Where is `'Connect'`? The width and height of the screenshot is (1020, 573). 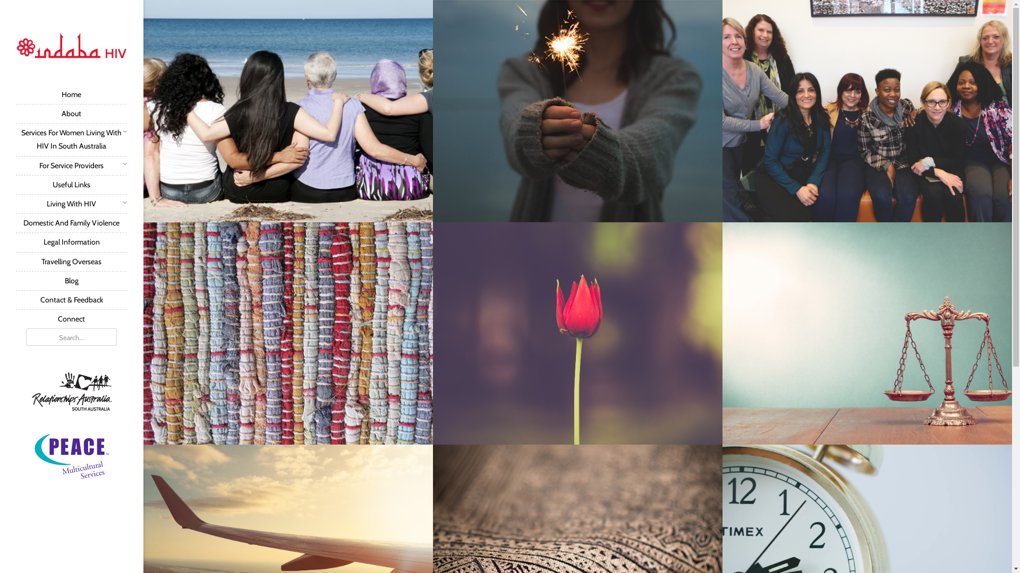
'Connect' is located at coordinates (71, 318).